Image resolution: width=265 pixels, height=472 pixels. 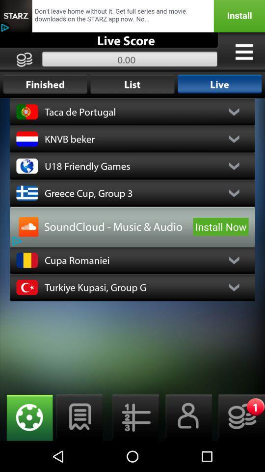 I want to click on the avatar icon, so click(x=185, y=447).